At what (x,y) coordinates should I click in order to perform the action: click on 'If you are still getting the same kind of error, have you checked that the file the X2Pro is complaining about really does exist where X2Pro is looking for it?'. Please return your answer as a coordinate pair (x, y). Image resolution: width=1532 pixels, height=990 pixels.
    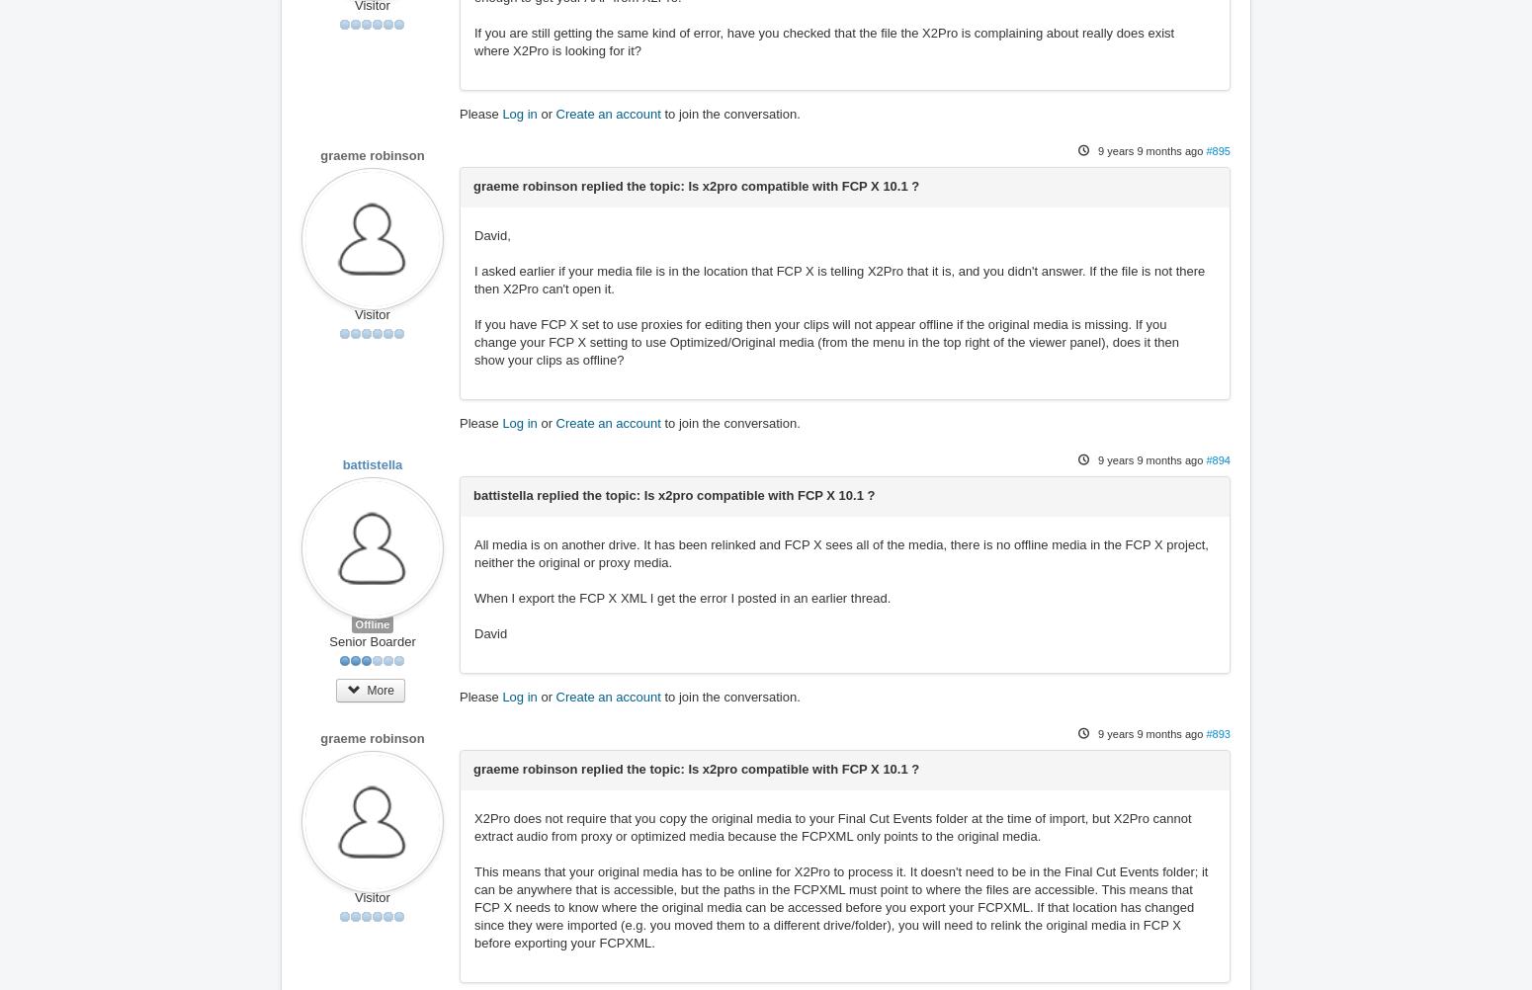
    Looking at the image, I should click on (823, 41).